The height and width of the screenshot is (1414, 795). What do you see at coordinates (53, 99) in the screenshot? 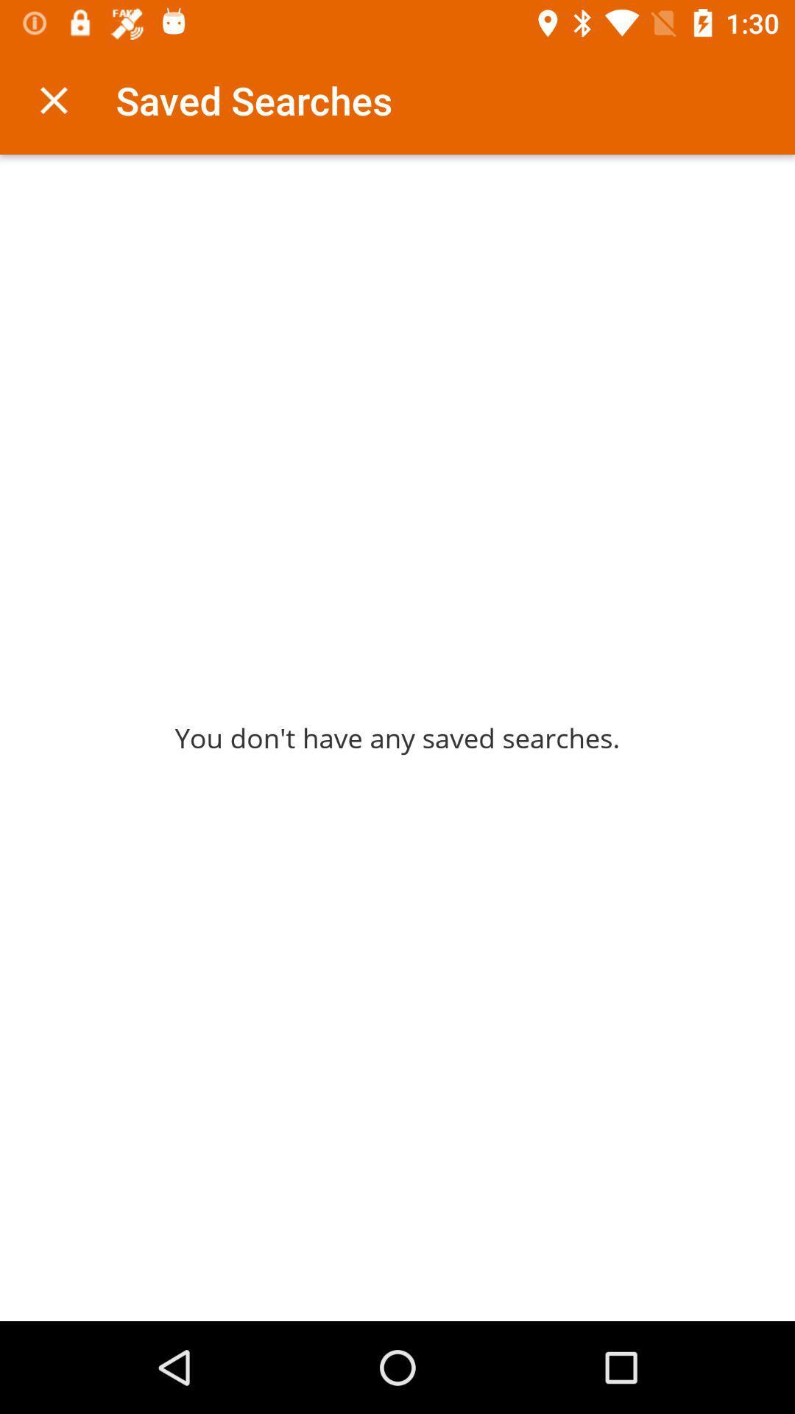
I see `button` at bounding box center [53, 99].